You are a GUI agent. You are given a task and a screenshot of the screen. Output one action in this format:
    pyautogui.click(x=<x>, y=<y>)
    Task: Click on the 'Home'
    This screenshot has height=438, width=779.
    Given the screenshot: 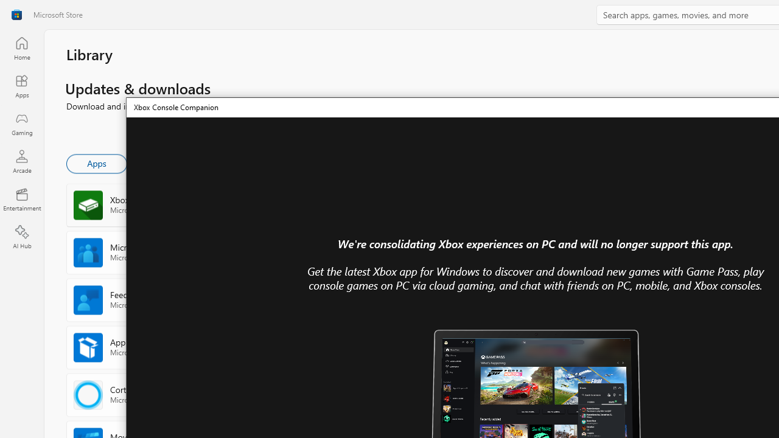 What is the action you would take?
    pyautogui.click(x=21, y=47)
    